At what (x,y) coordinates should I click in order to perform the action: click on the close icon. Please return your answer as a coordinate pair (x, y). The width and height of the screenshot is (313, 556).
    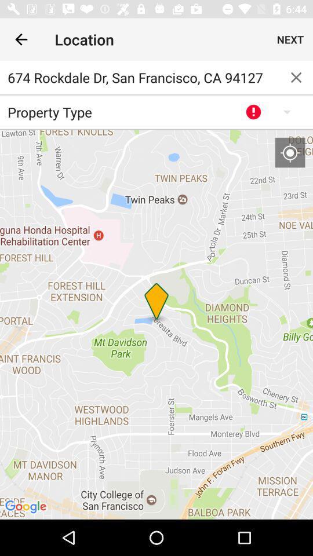
    Looking at the image, I should click on (296, 76).